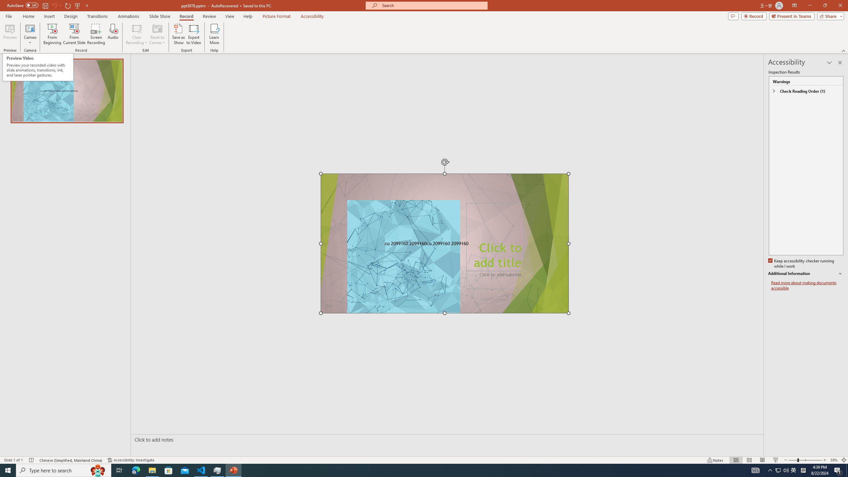  I want to click on 'Read more about making documents accessible', so click(807, 285).